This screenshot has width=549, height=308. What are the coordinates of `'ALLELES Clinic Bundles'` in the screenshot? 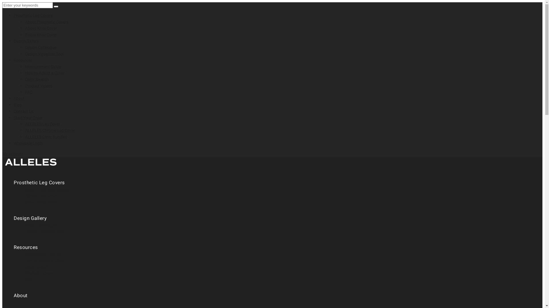 It's located at (46, 137).